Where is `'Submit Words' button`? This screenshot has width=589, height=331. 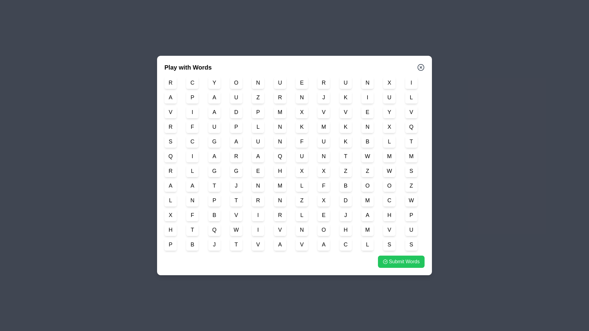
'Submit Words' button is located at coordinates (401, 261).